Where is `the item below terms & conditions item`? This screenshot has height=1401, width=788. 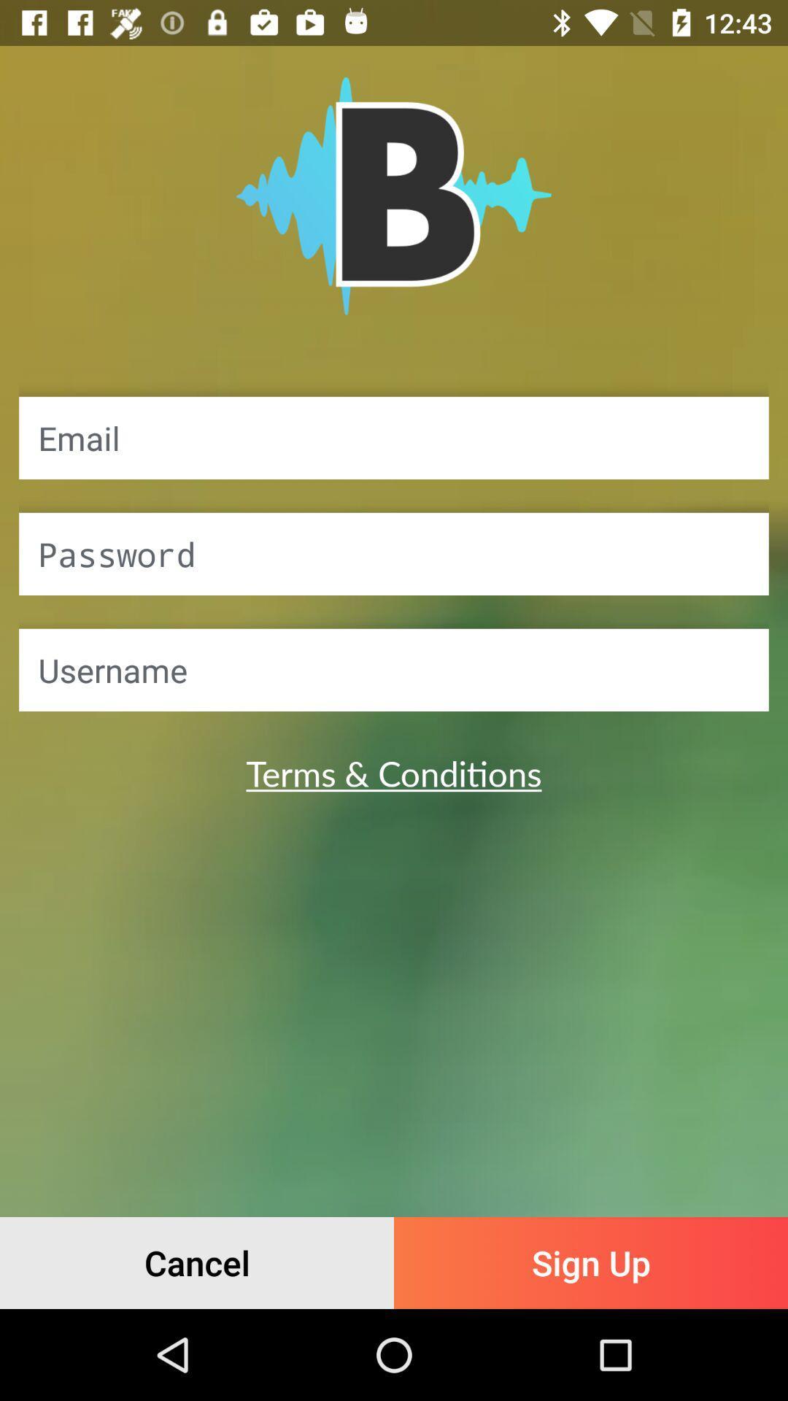 the item below terms & conditions item is located at coordinates (591, 1262).